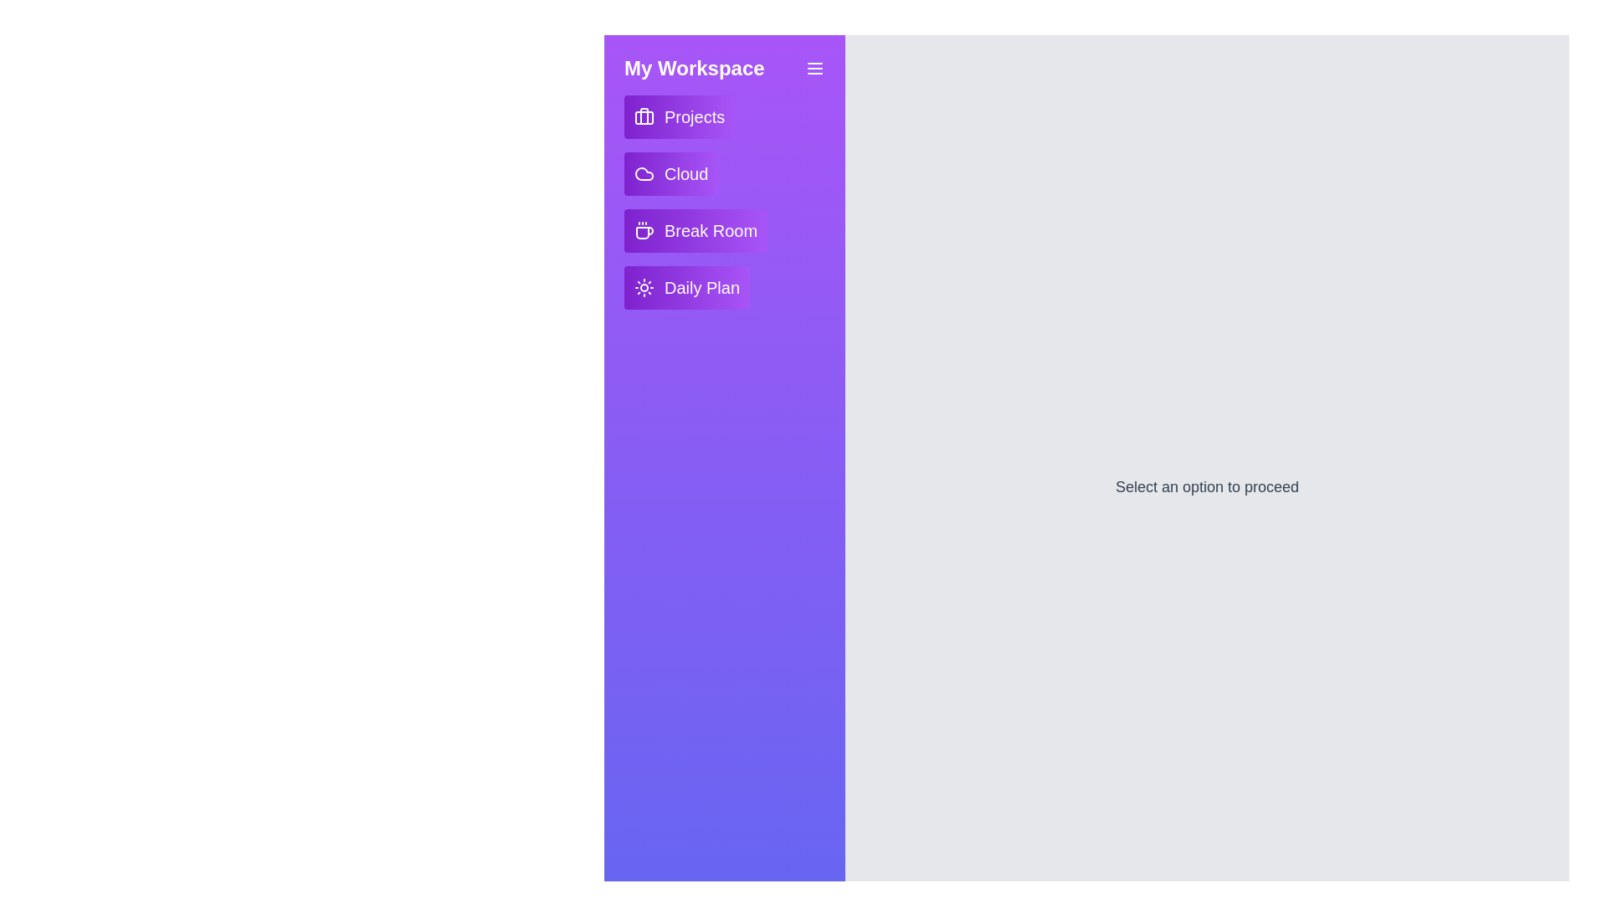 The height and width of the screenshot is (904, 1607). Describe the element at coordinates (686, 286) in the screenshot. I see `the Daily Plan button in the drawer to interact with it` at that location.